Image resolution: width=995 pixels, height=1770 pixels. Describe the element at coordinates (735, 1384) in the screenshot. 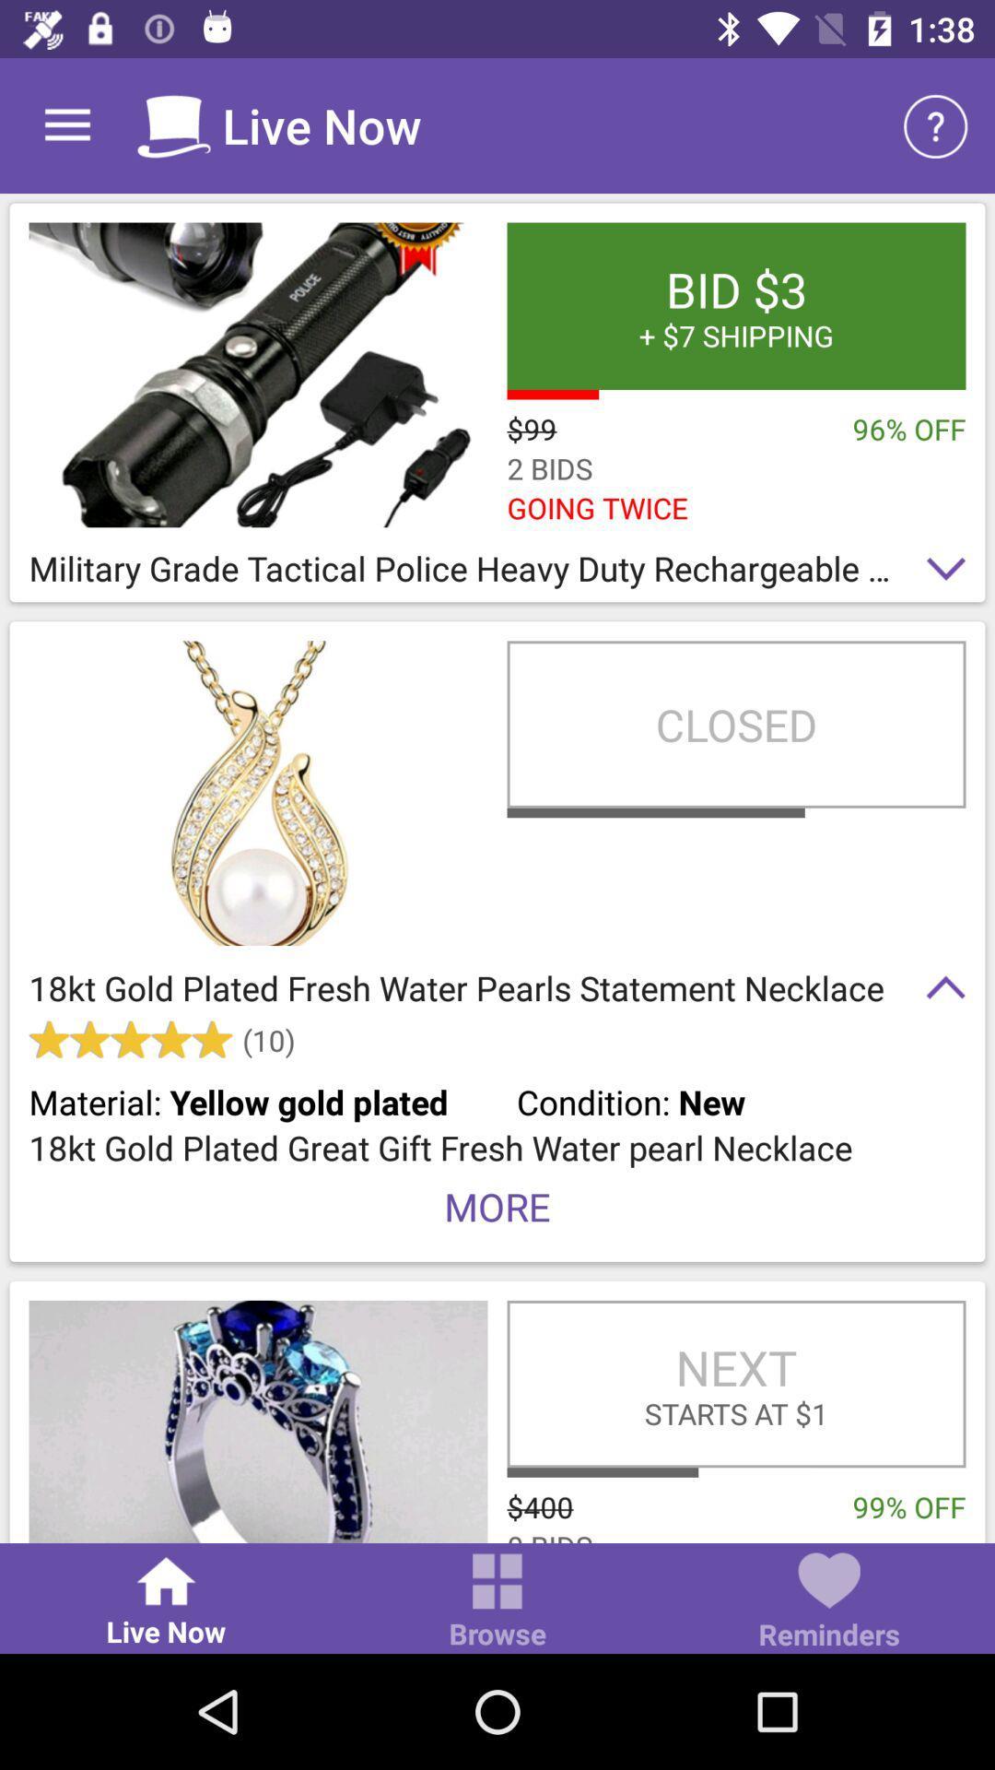

I see `the item below more` at that location.